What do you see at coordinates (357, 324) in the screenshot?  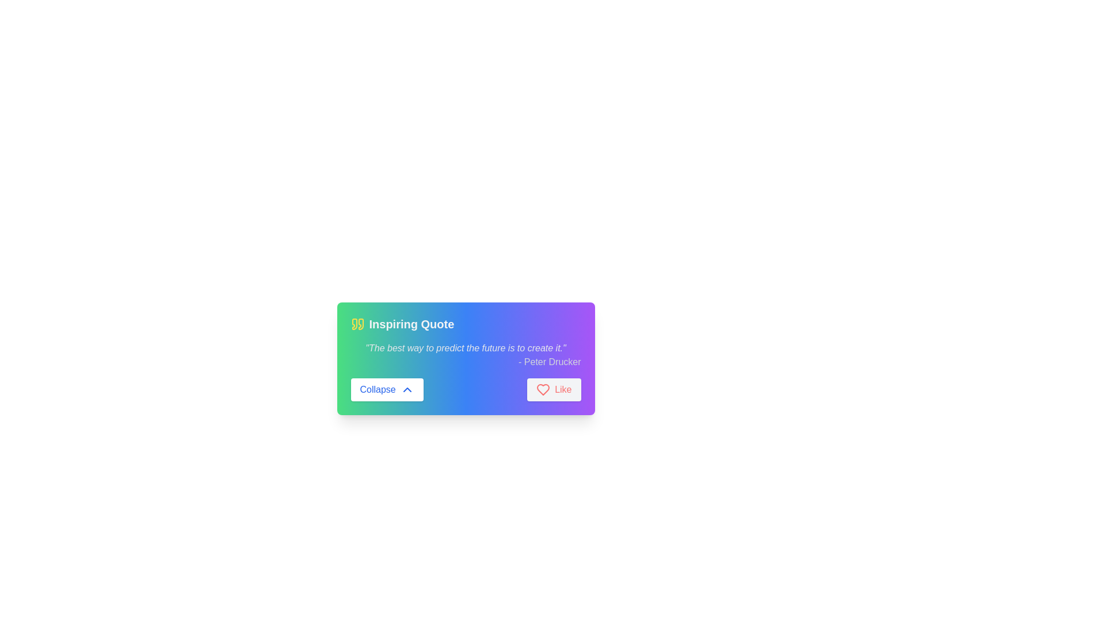 I see `the decorative icon representing the theme of a quote, which is positioned to the far left of the text 'Inspiring Quote' and slightly above the center vertically` at bounding box center [357, 324].